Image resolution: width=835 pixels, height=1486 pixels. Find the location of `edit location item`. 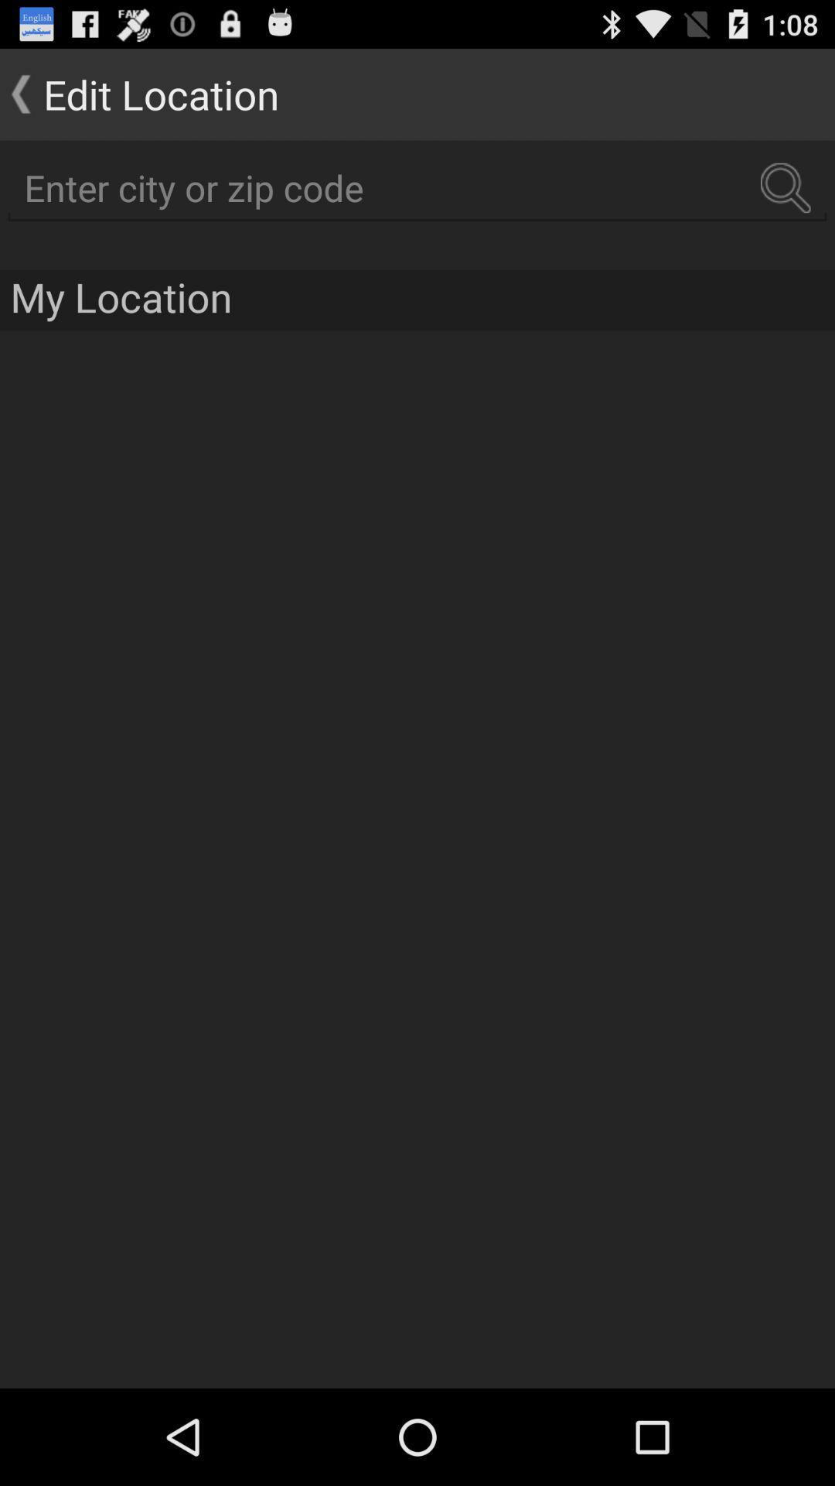

edit location item is located at coordinates (139, 93).